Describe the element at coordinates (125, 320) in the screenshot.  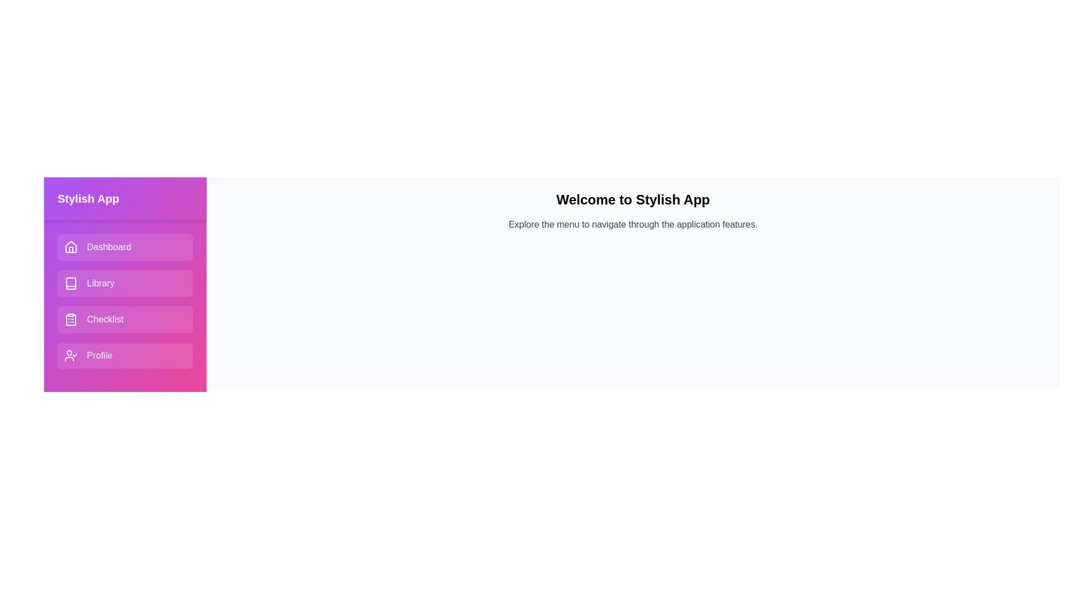
I see `the menu item labeled Checklist to navigate to the corresponding section` at that location.